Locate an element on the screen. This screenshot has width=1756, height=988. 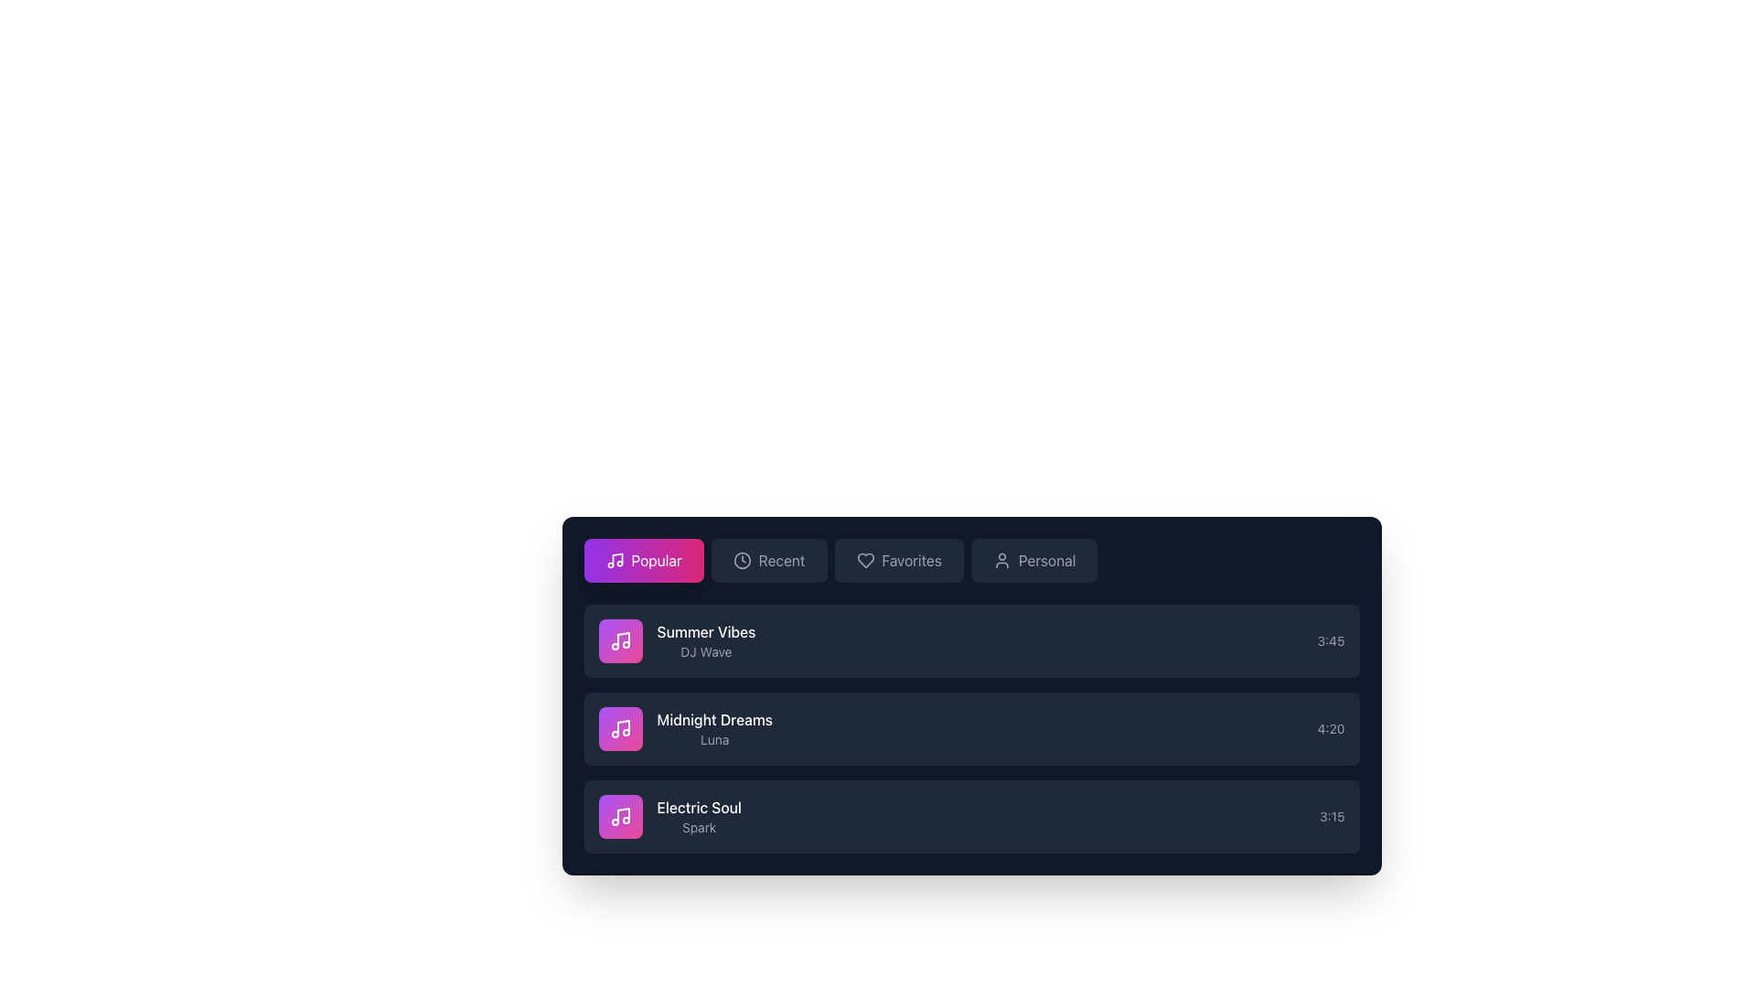
the rounded rectangular button representing the second music track, 'Midnight Dreams' by Luna, to interact with the track is located at coordinates (620, 728).